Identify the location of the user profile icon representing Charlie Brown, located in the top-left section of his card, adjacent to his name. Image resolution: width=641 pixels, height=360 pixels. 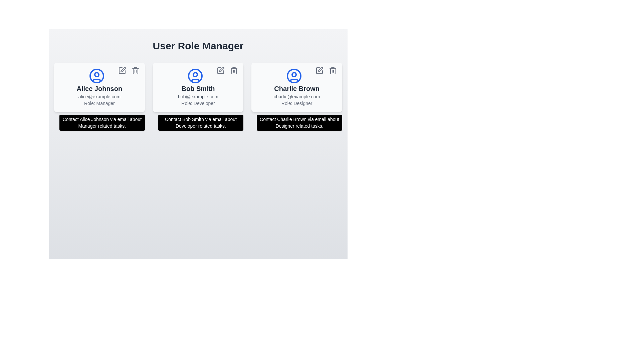
(294, 75).